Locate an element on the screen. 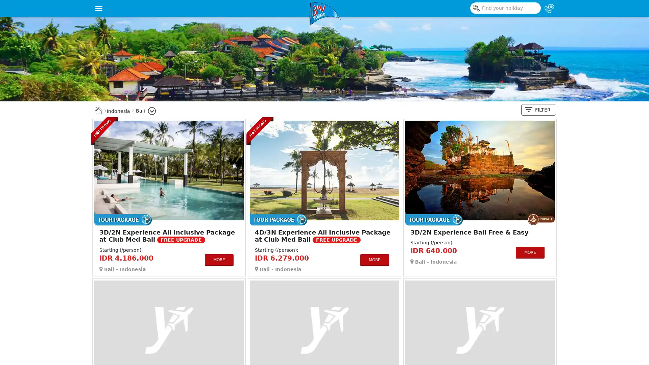 The image size is (649, 365). MORE is located at coordinates (219, 259).